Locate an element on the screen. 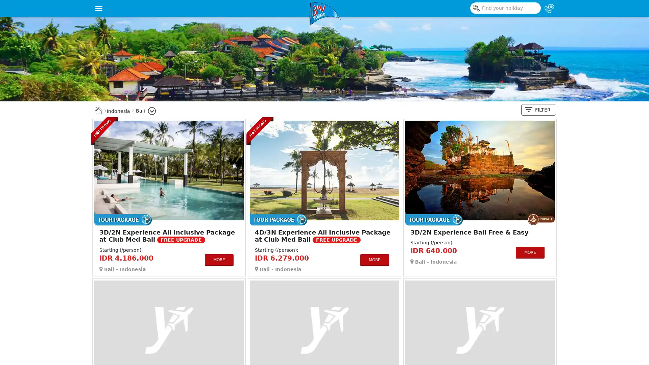 The image size is (649, 365). MORE is located at coordinates (219, 259).